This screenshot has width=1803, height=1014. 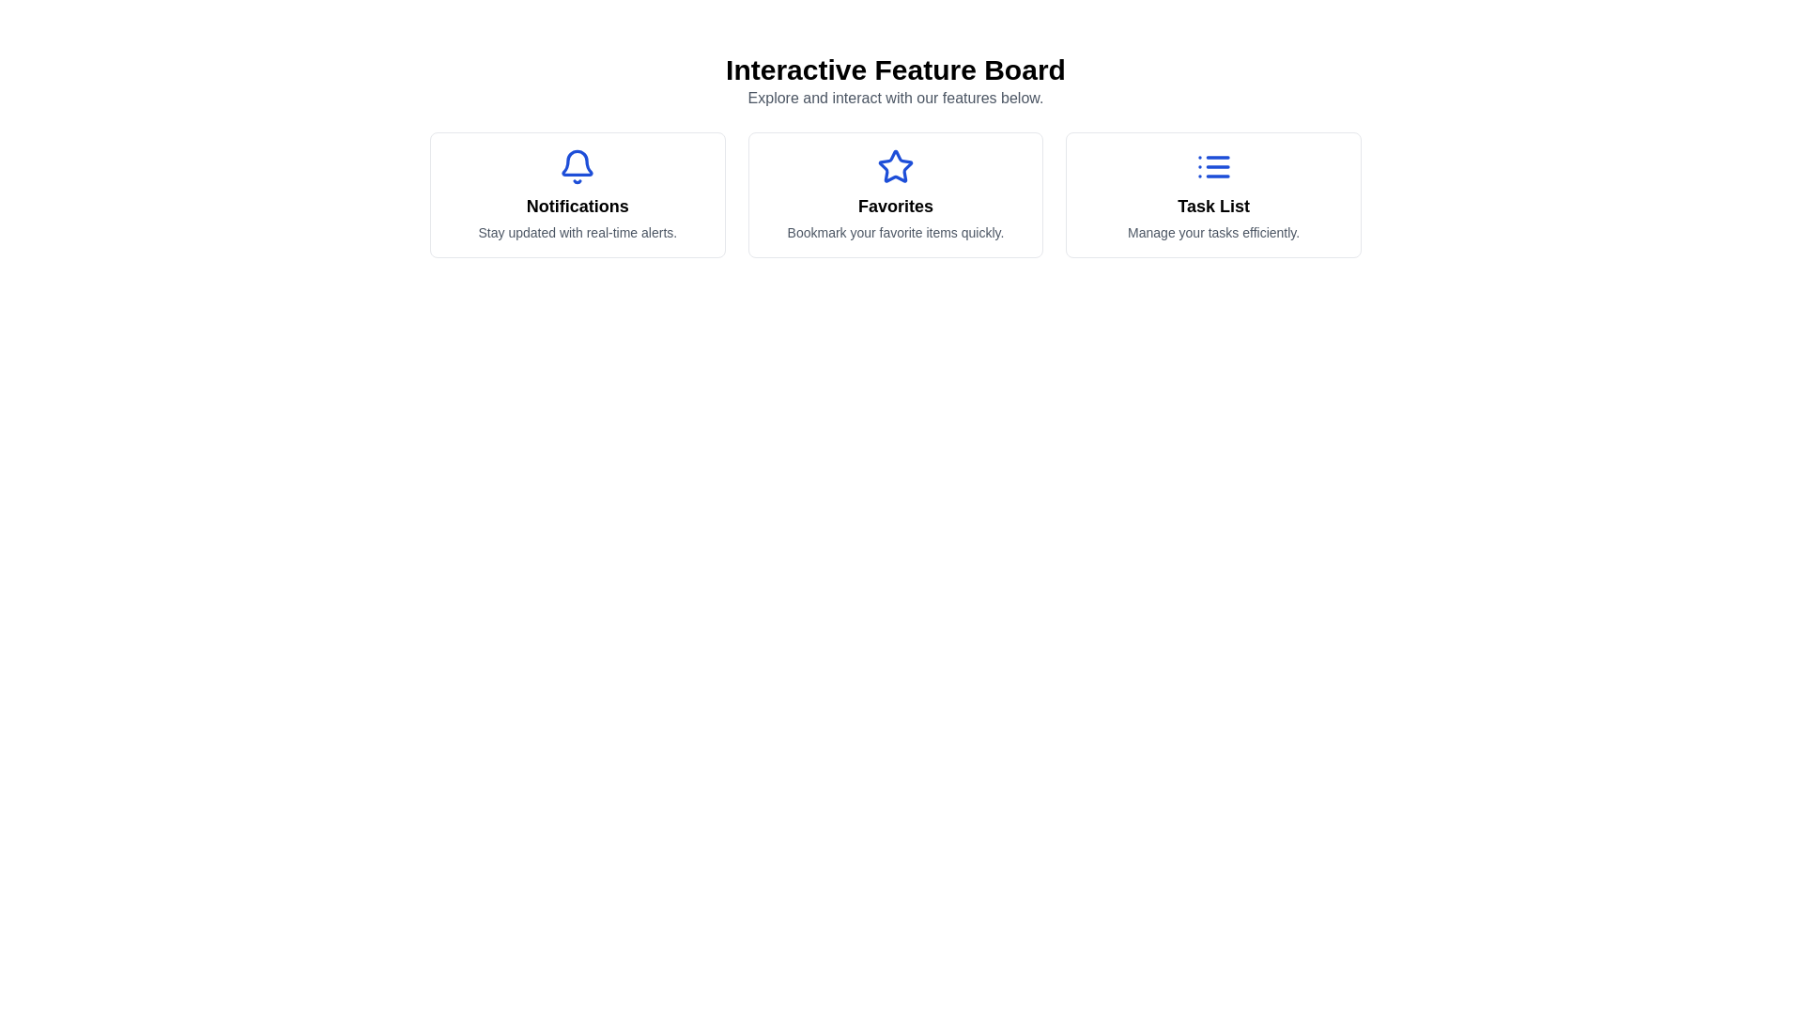 I want to click on the notifications icon located above the text 'Notifications' and 'Stay updated with real-time alerts.', so click(x=577, y=165).